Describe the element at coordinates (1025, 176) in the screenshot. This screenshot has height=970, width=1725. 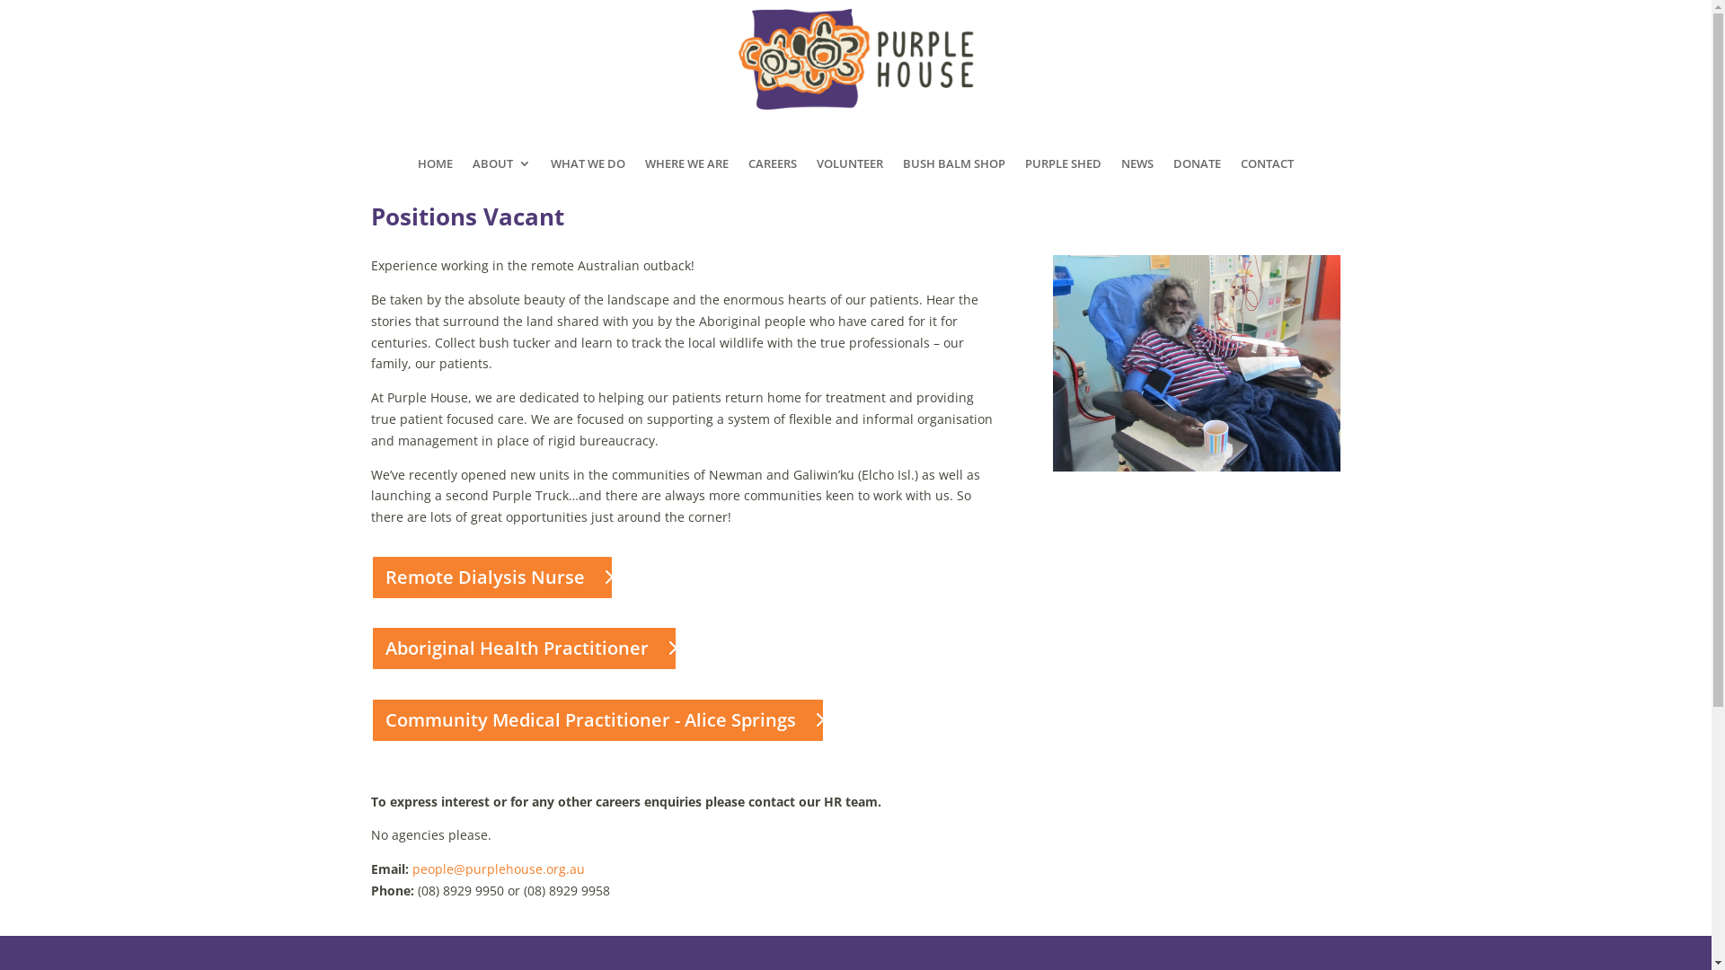
I see `'PURPLE SHED'` at that location.